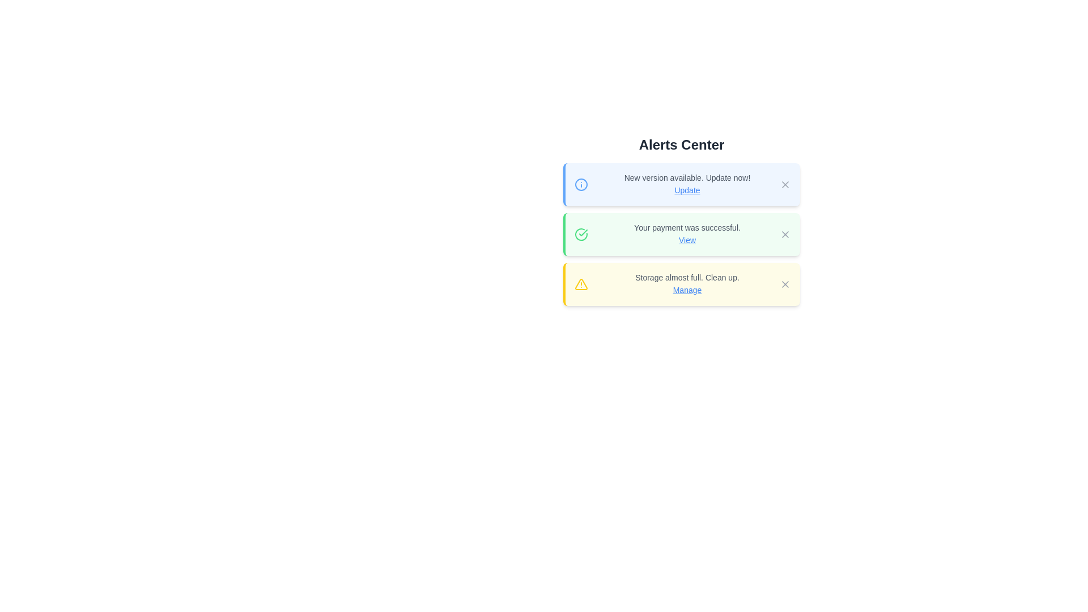 Image resolution: width=1088 pixels, height=612 pixels. Describe the element at coordinates (687, 177) in the screenshot. I see `the text label displaying 'New version available. Update now!' which is located at the top of the first notification card with a subtle blue background` at that location.